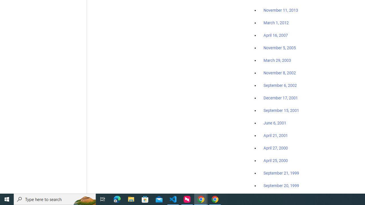 Image resolution: width=365 pixels, height=205 pixels. I want to click on 'November 11, 2013', so click(281, 11).